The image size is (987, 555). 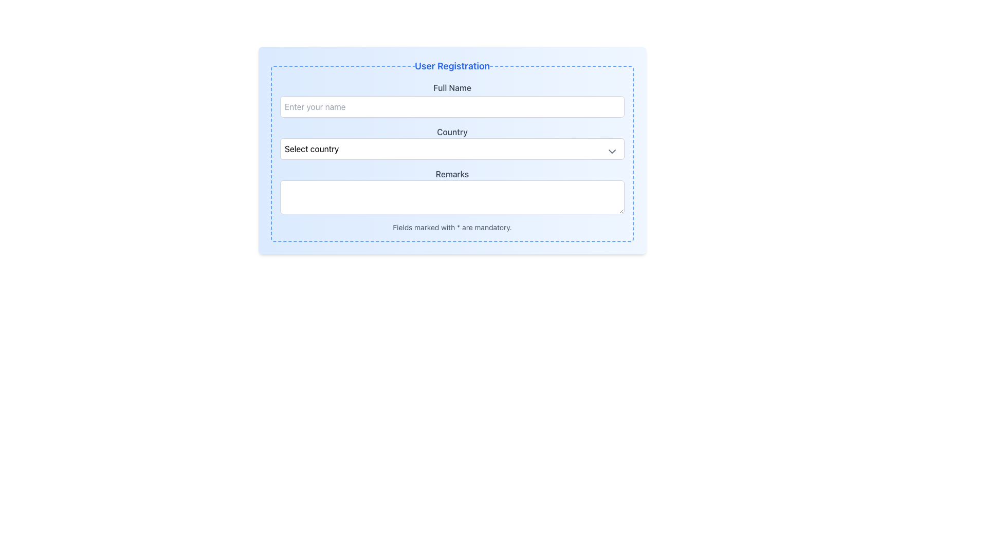 I want to click on the downward-pointing chevron icon located on the far-right side of the 'Select country' dropdown menu, so click(x=612, y=151).